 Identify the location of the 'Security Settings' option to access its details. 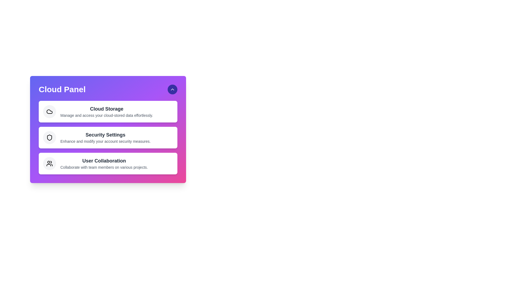
(108, 137).